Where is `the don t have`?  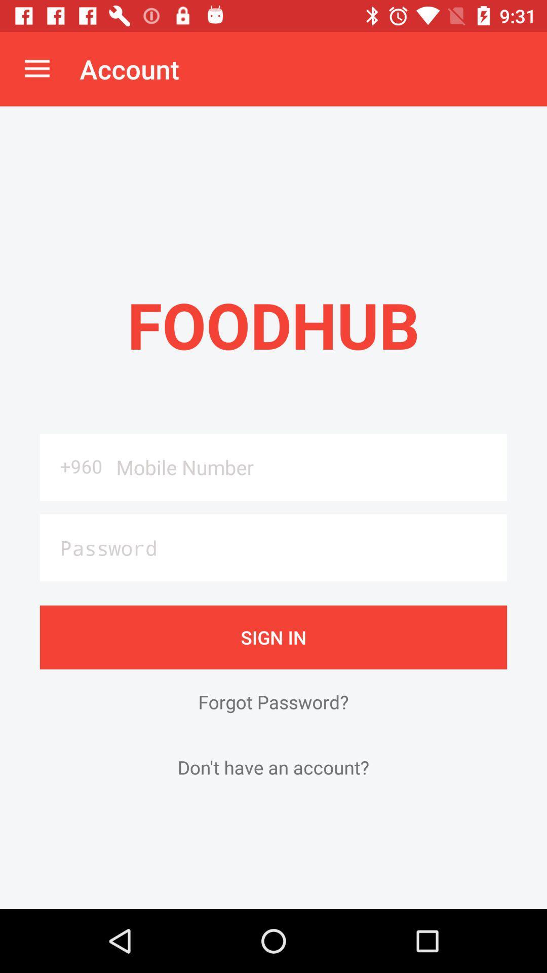
the don t have is located at coordinates (273, 767).